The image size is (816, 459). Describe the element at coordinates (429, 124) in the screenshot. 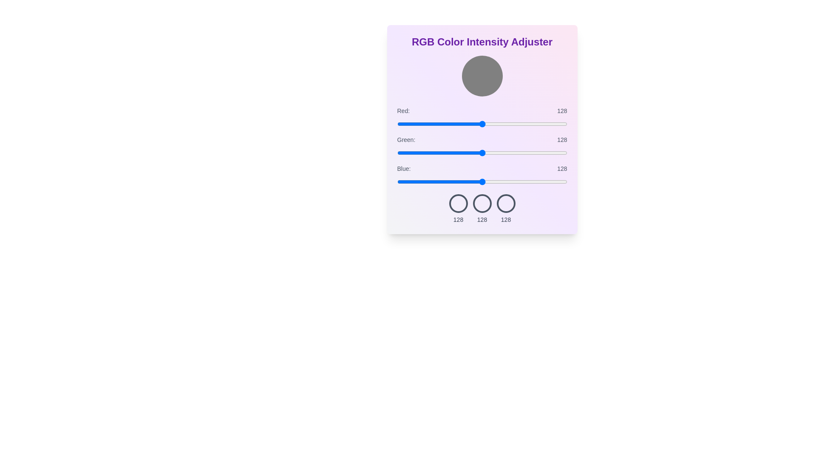

I see `the red color intensity slider to 48 value` at that location.